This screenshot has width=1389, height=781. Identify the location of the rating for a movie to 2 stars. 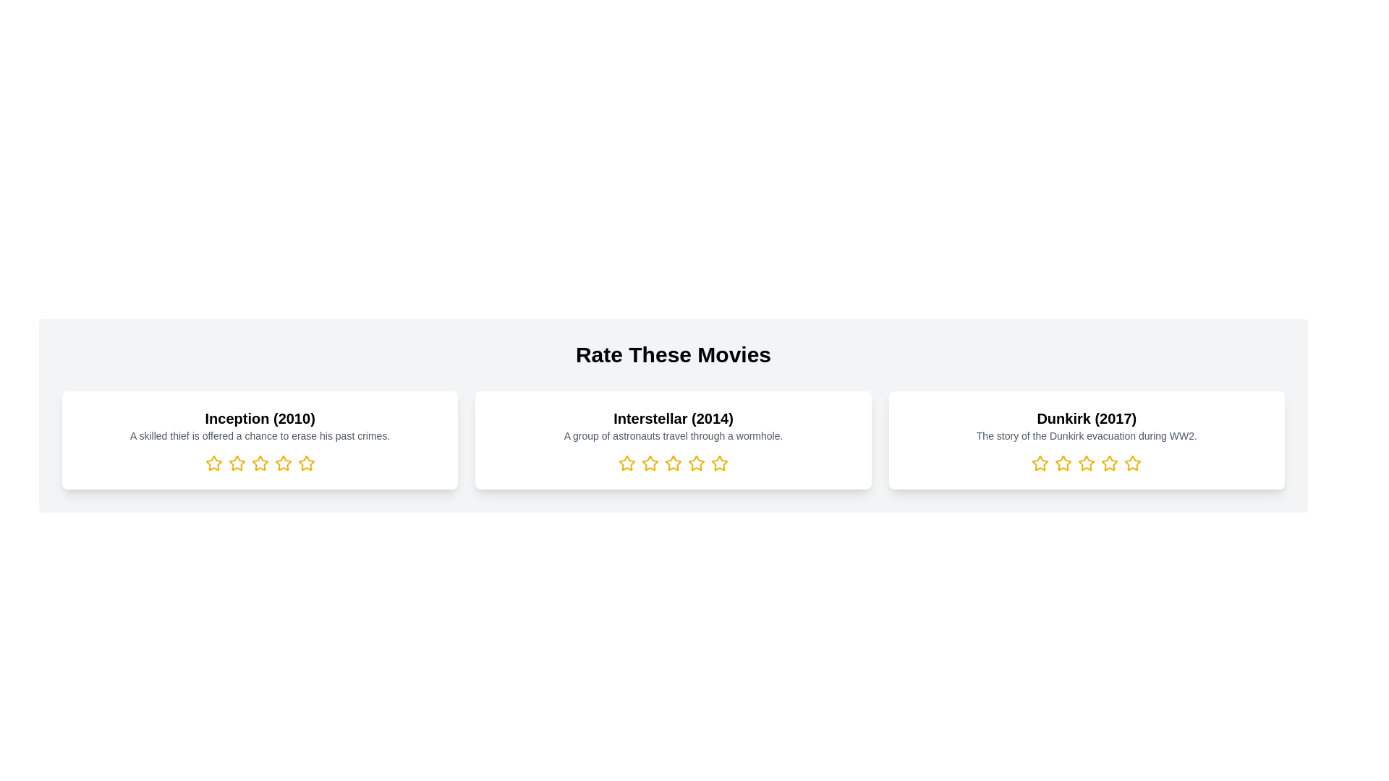
(237, 463).